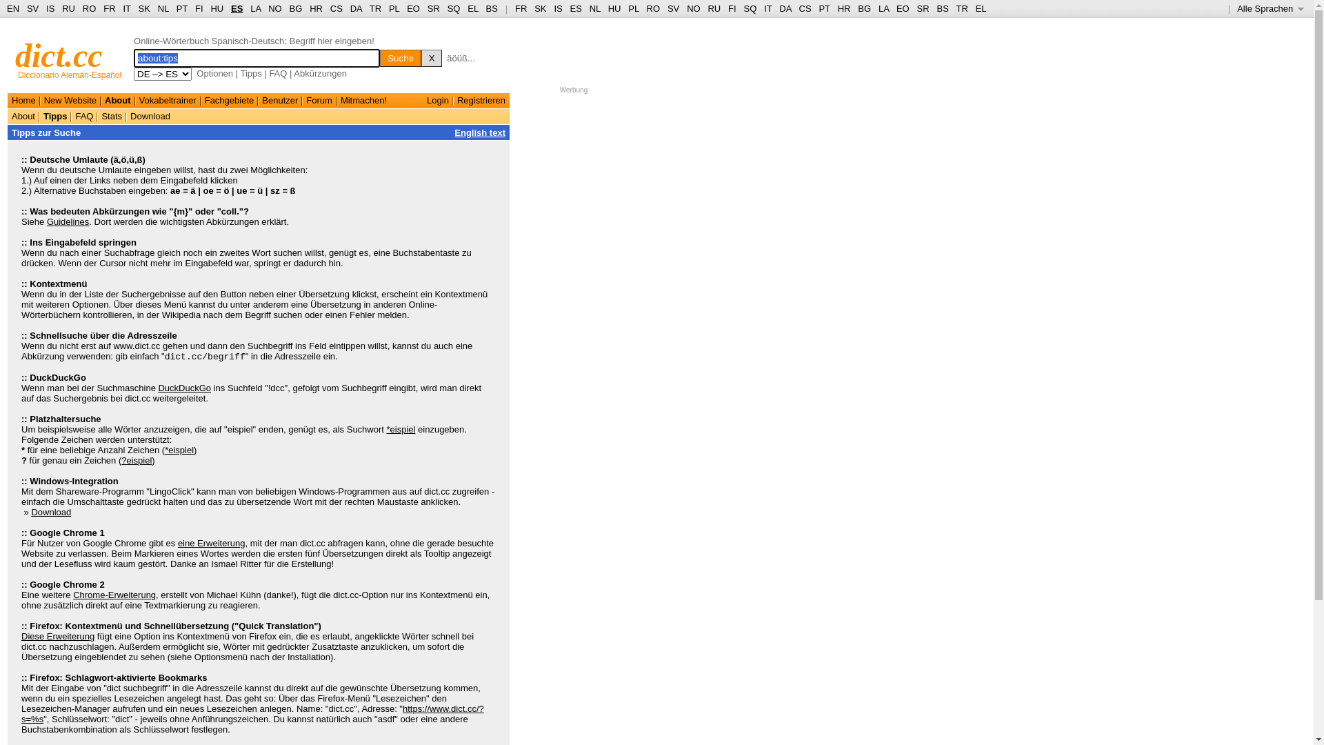  I want to click on 'CS', so click(337, 8).